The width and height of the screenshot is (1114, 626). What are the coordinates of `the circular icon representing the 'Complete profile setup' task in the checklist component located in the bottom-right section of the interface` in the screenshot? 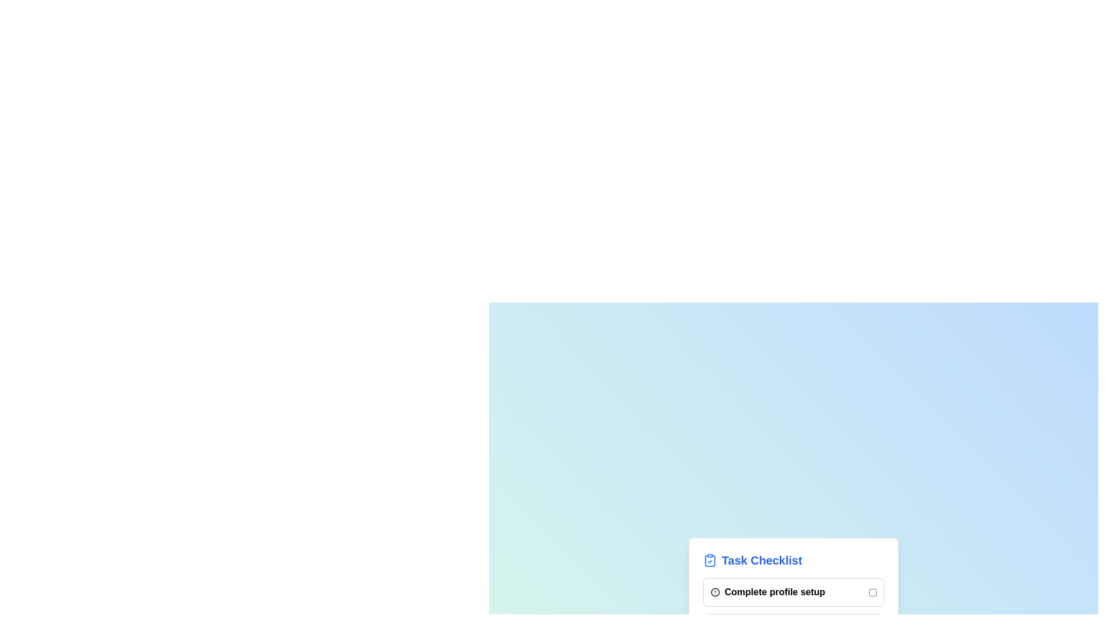 It's located at (715, 592).